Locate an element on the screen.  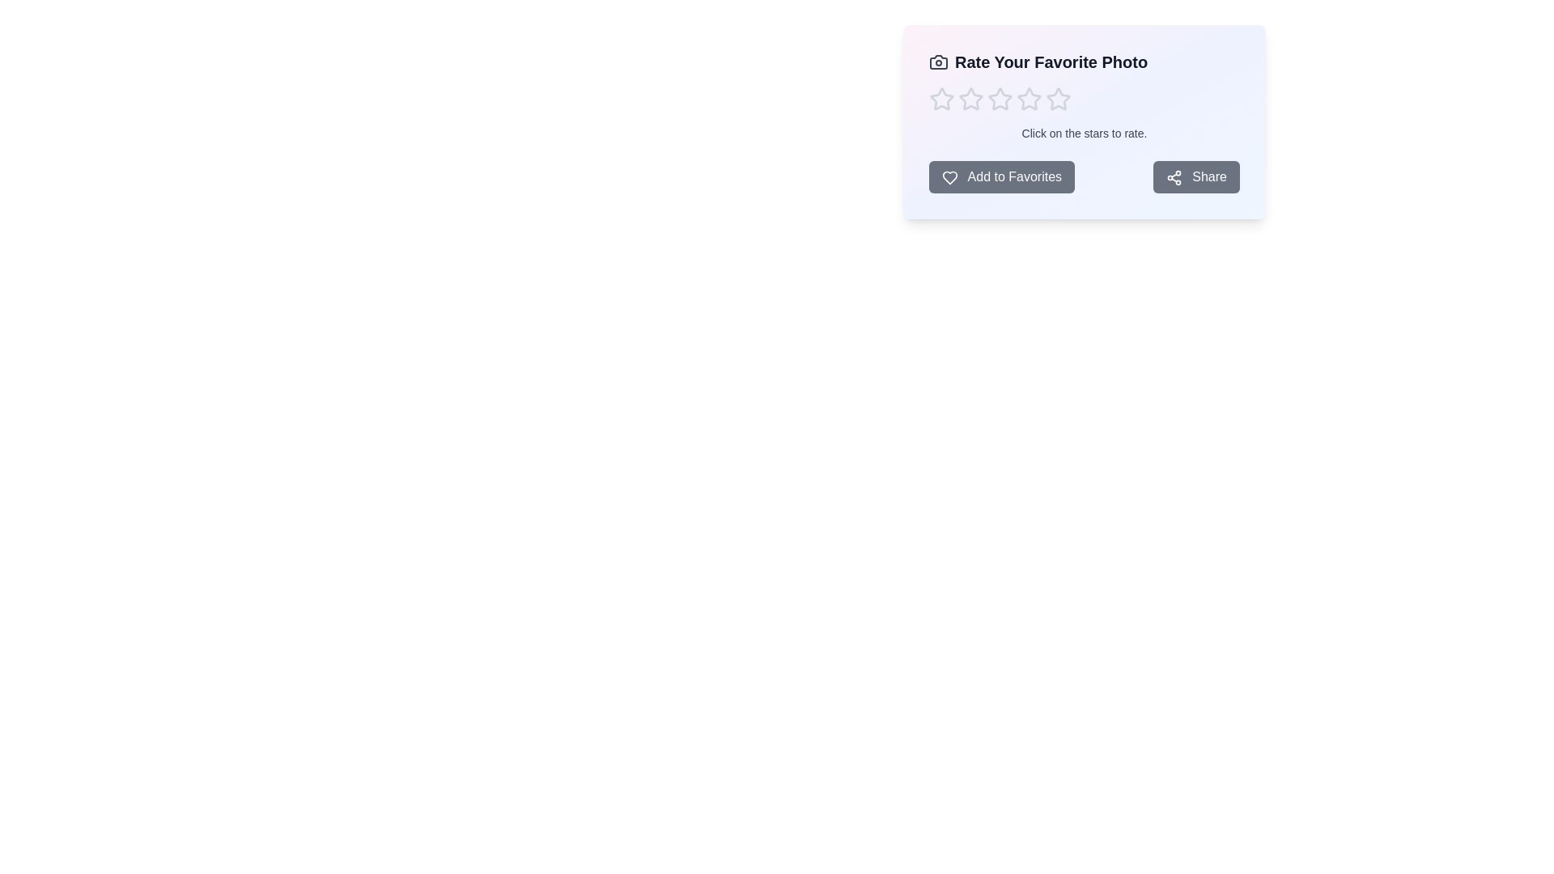
the first hollow star icon with a light grayish outline is located at coordinates (970, 99).